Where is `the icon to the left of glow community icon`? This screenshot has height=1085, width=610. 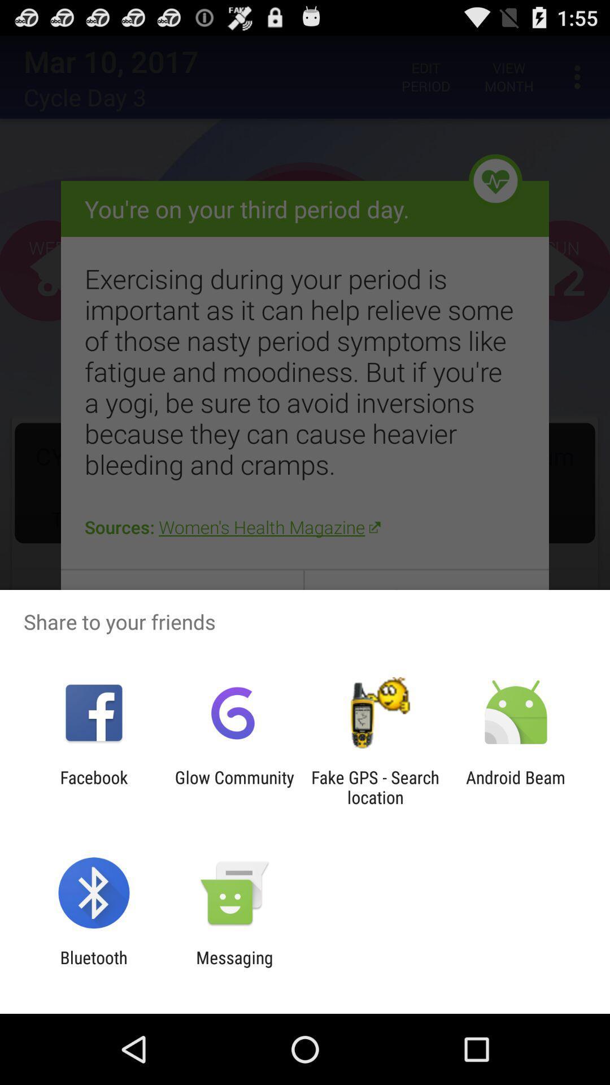 the icon to the left of glow community icon is located at coordinates (93, 787).